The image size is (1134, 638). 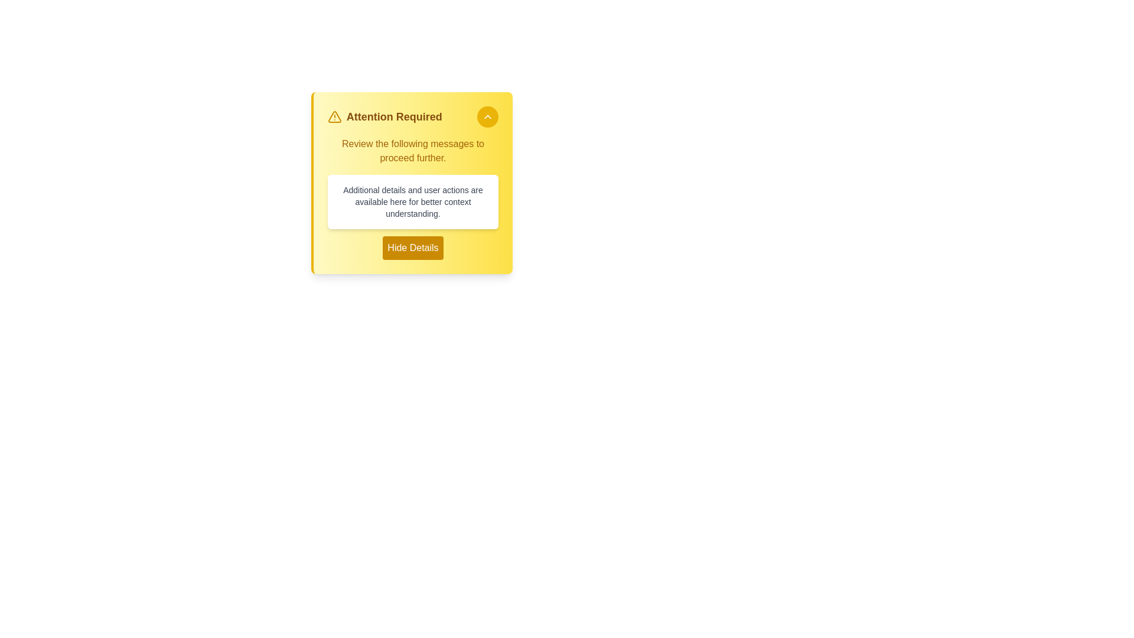 What do you see at coordinates (488, 116) in the screenshot?
I see `top-right button to toggle the alert panel` at bounding box center [488, 116].